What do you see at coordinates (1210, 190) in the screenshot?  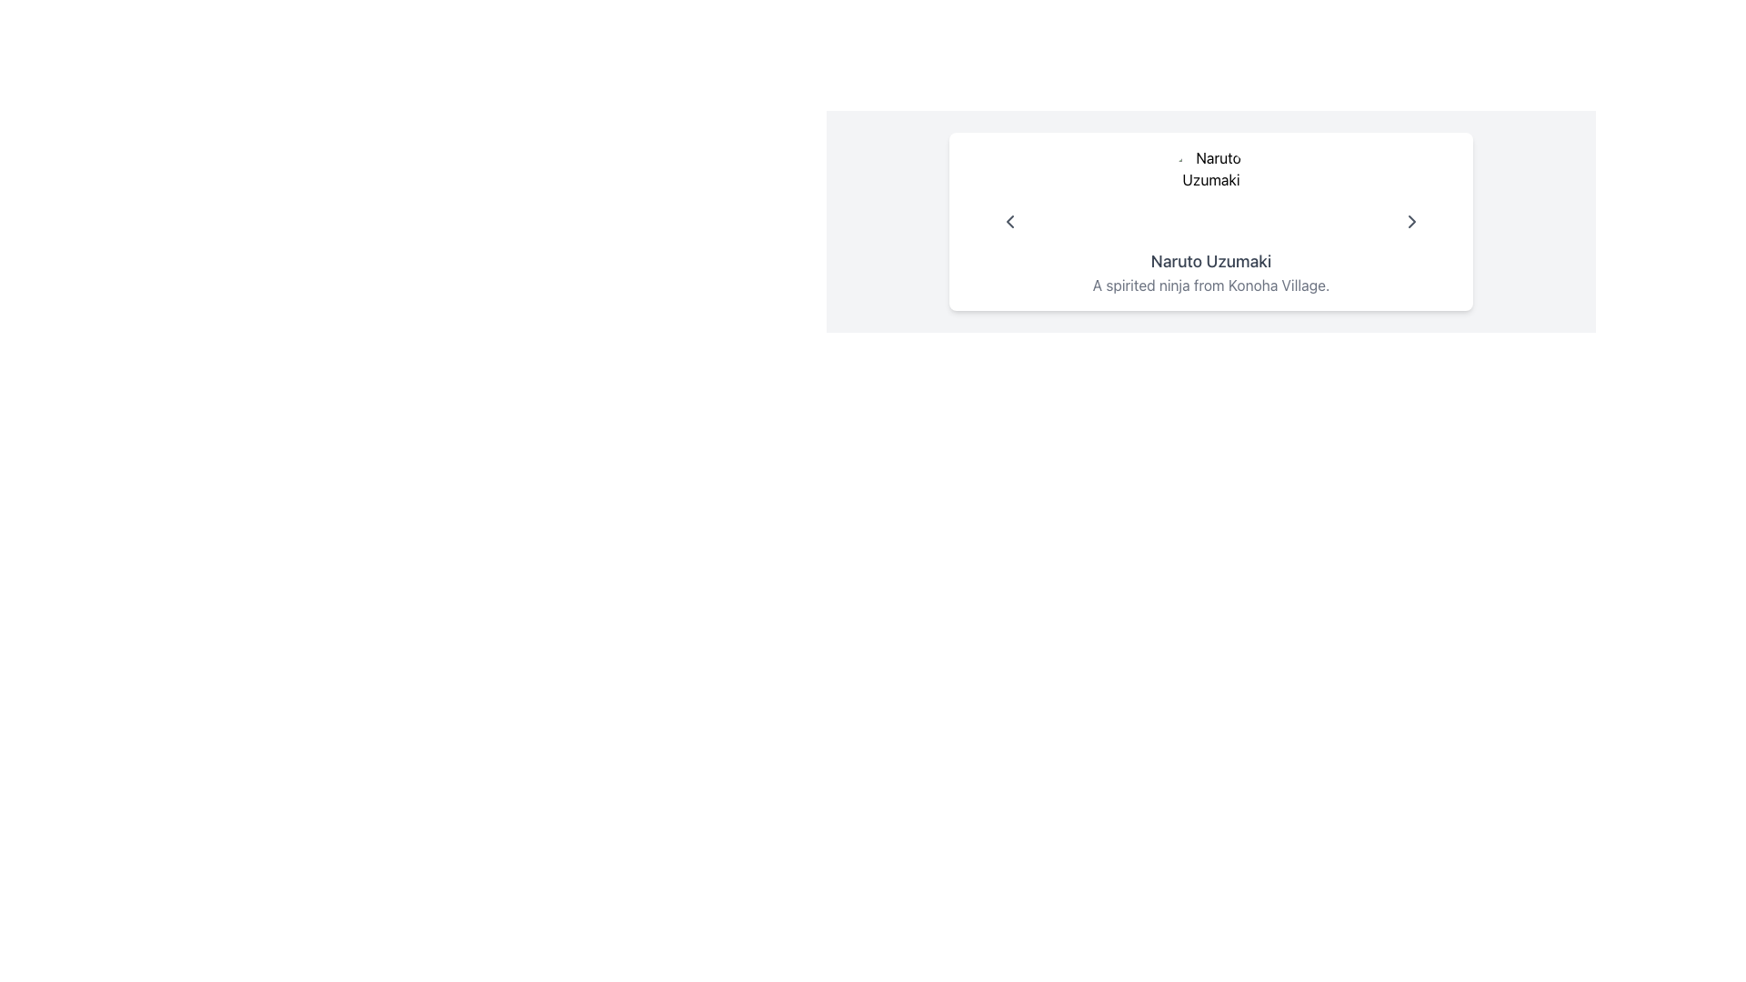 I see `the circular avatar/profile picture of 'Naruto Uzumaki'` at bounding box center [1210, 190].